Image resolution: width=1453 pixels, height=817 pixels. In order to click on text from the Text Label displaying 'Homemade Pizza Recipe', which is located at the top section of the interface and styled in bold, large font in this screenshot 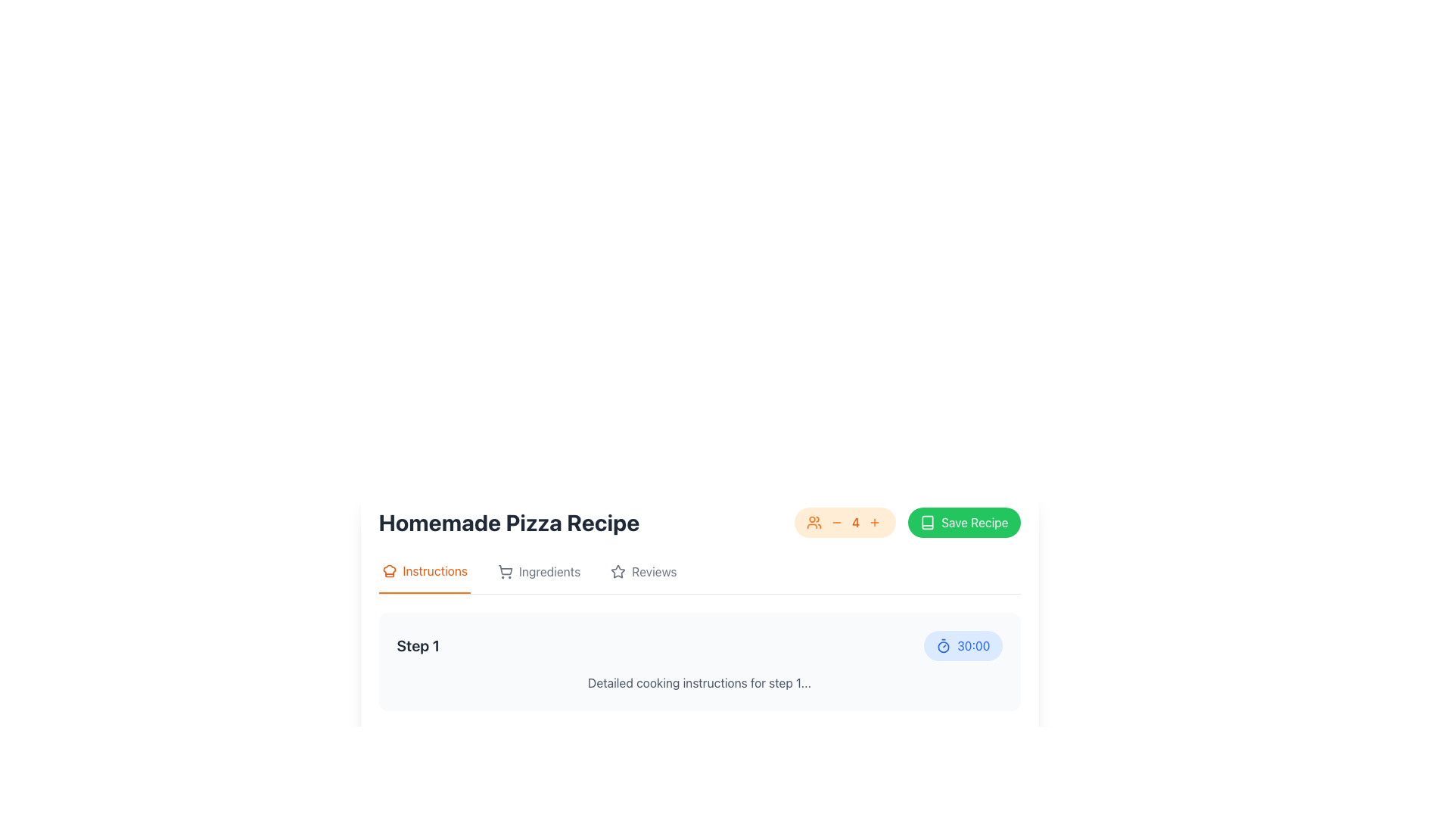, I will do `click(509, 521)`.